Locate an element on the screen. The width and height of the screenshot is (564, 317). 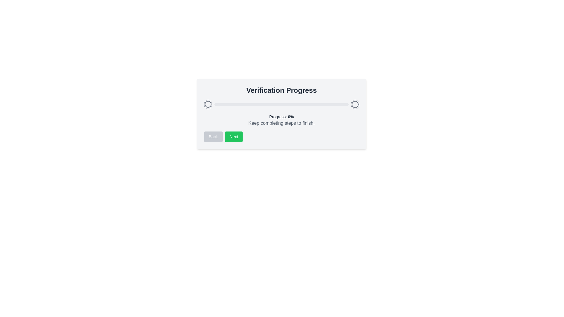
the static text display that prompts the user to continue progressing through the steps, positioned below the progress indicator text and above the action buttons is located at coordinates (281, 123).